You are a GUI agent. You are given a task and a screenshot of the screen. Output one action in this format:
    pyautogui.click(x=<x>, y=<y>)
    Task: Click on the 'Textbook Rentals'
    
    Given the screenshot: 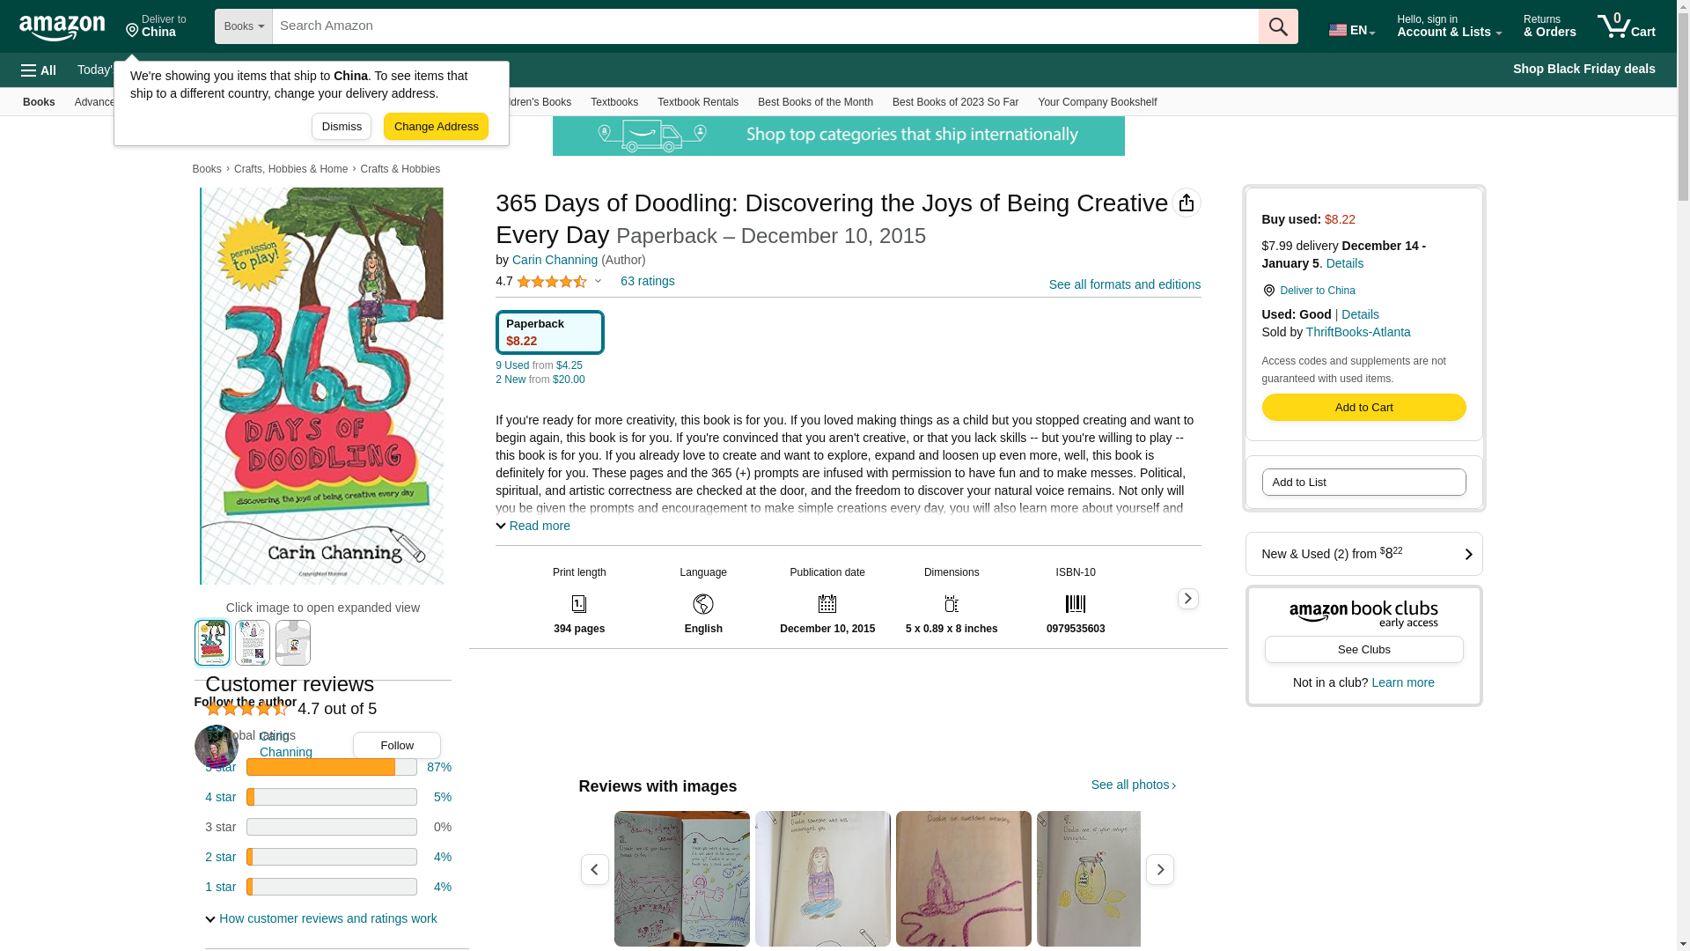 What is the action you would take?
    pyautogui.click(x=696, y=101)
    